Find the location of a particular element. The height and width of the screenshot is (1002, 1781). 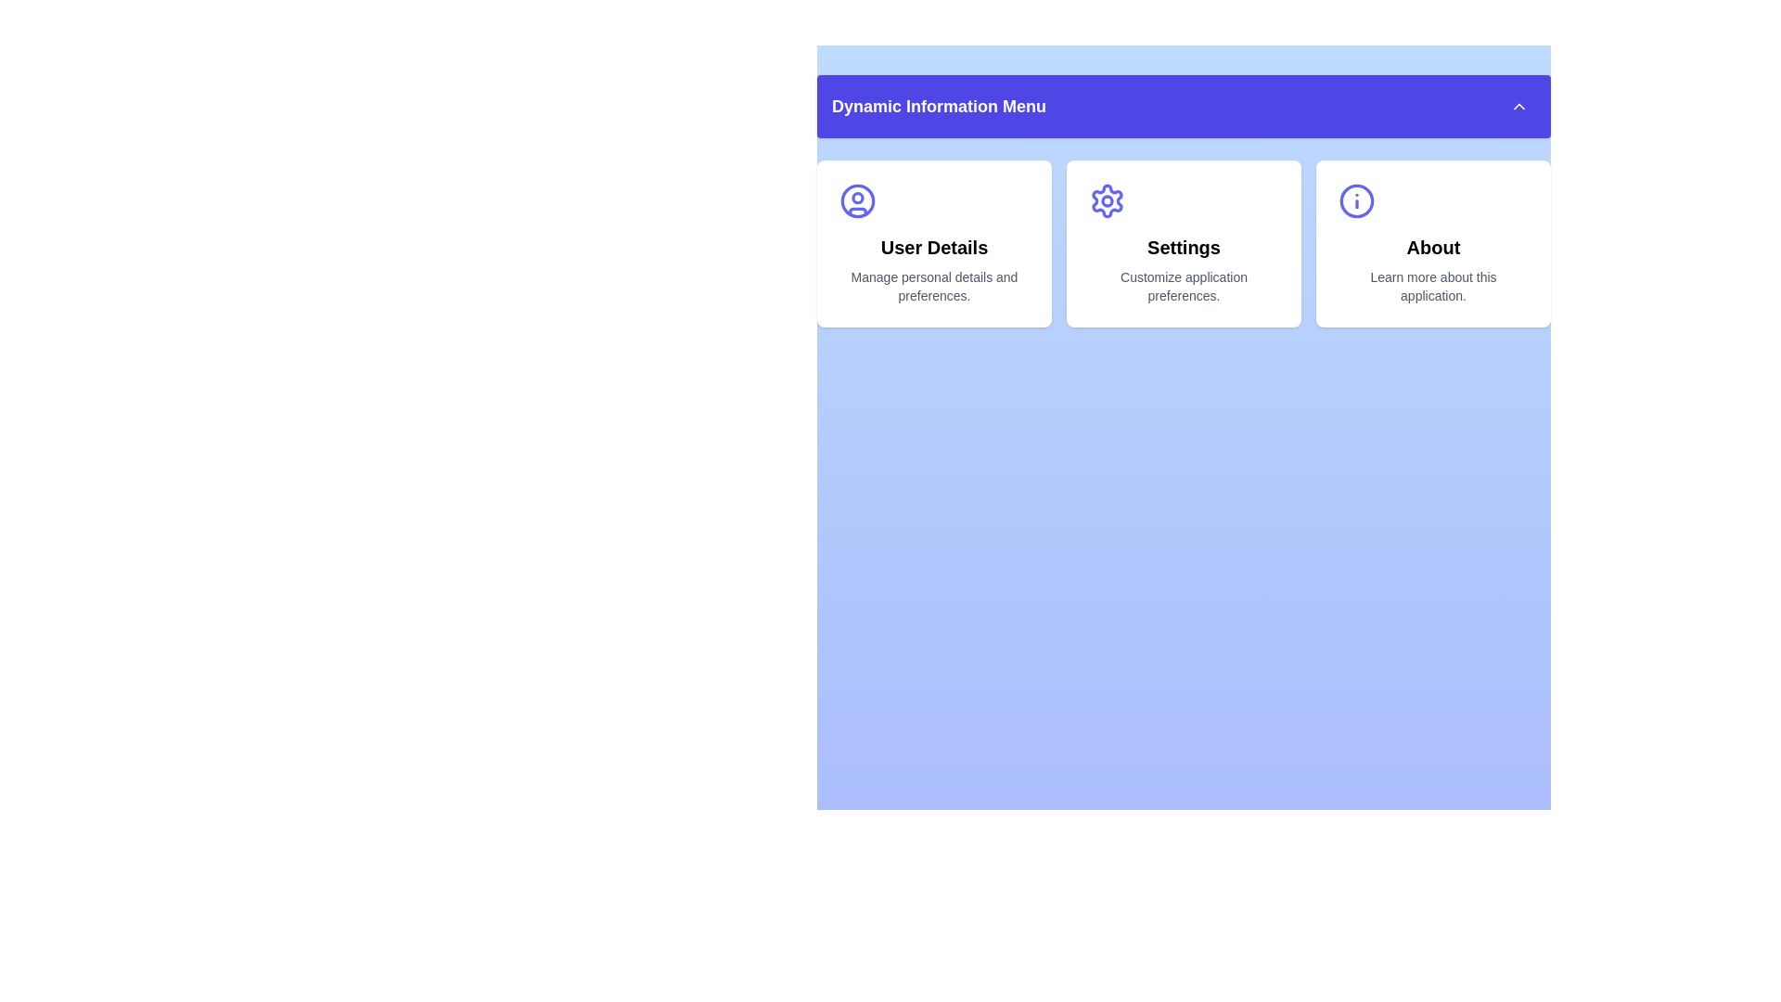

the menu item About to interact with it is located at coordinates (1432, 242).